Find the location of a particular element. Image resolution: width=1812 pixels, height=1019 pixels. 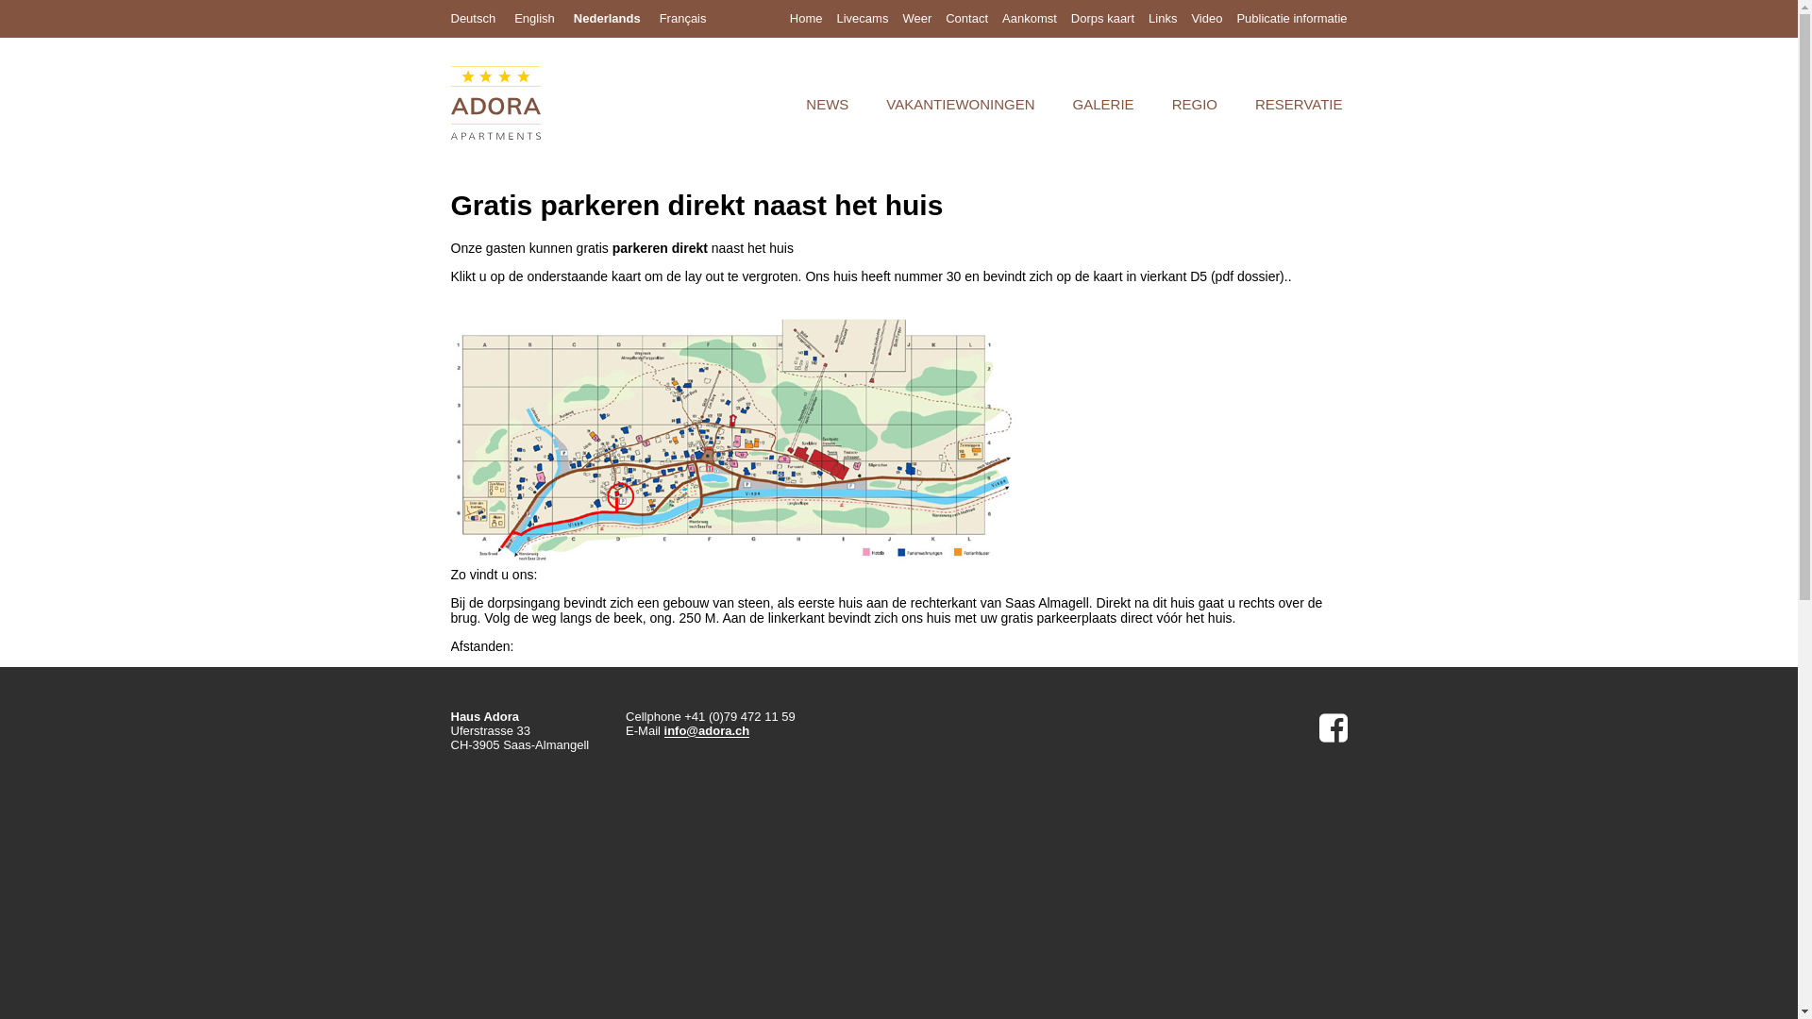

'English' is located at coordinates (533, 18).